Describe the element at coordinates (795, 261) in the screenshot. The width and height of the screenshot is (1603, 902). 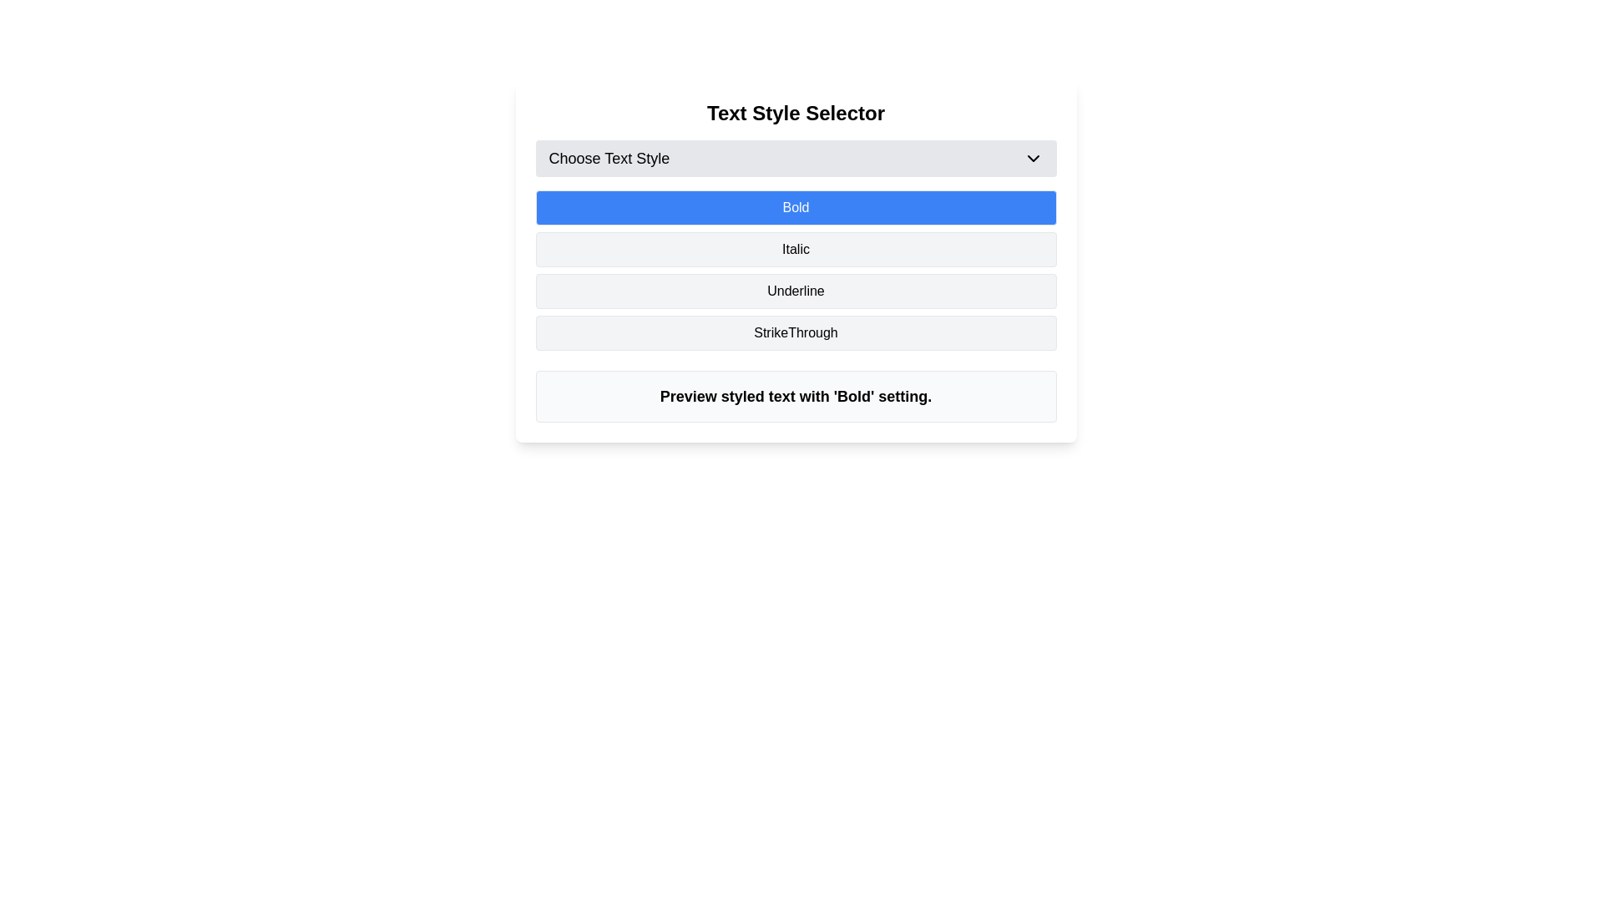
I see `the 'Italic' text style button, which is the second option in the list of text style selectors located in the modal` at that location.